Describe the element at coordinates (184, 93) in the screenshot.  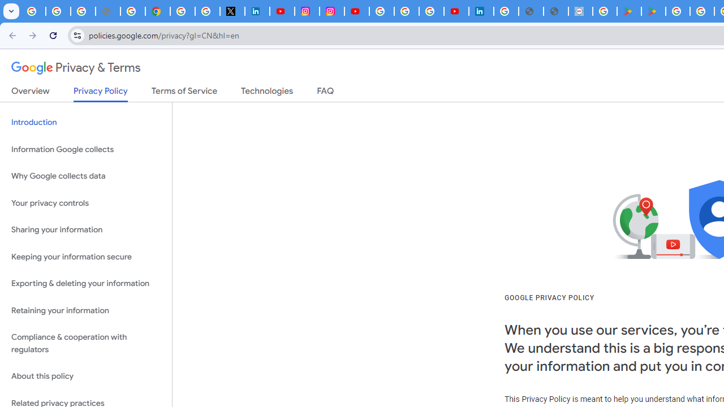
I see `'Terms of Service'` at that location.